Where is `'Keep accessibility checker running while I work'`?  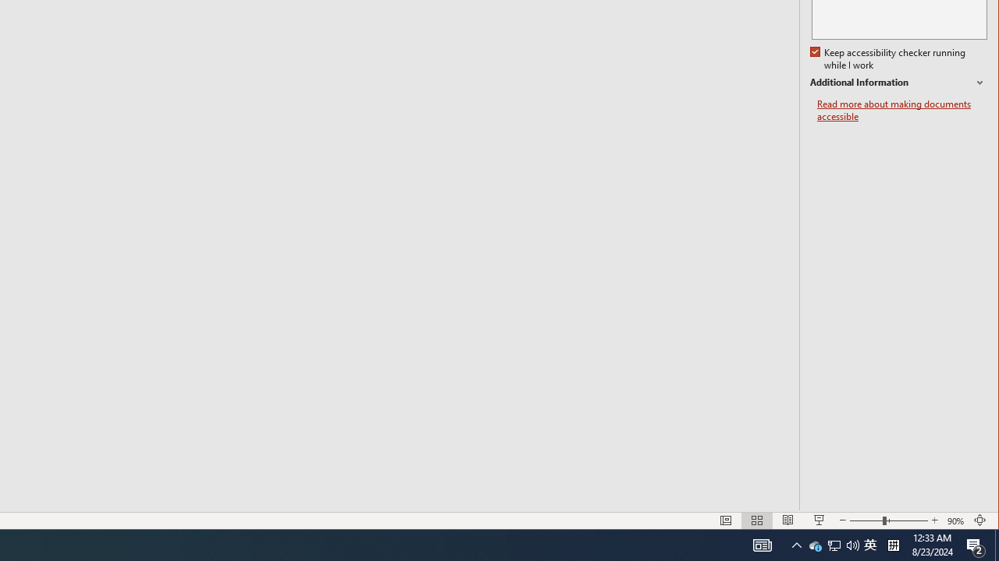
'Keep accessibility checker running while I work' is located at coordinates (889, 58).